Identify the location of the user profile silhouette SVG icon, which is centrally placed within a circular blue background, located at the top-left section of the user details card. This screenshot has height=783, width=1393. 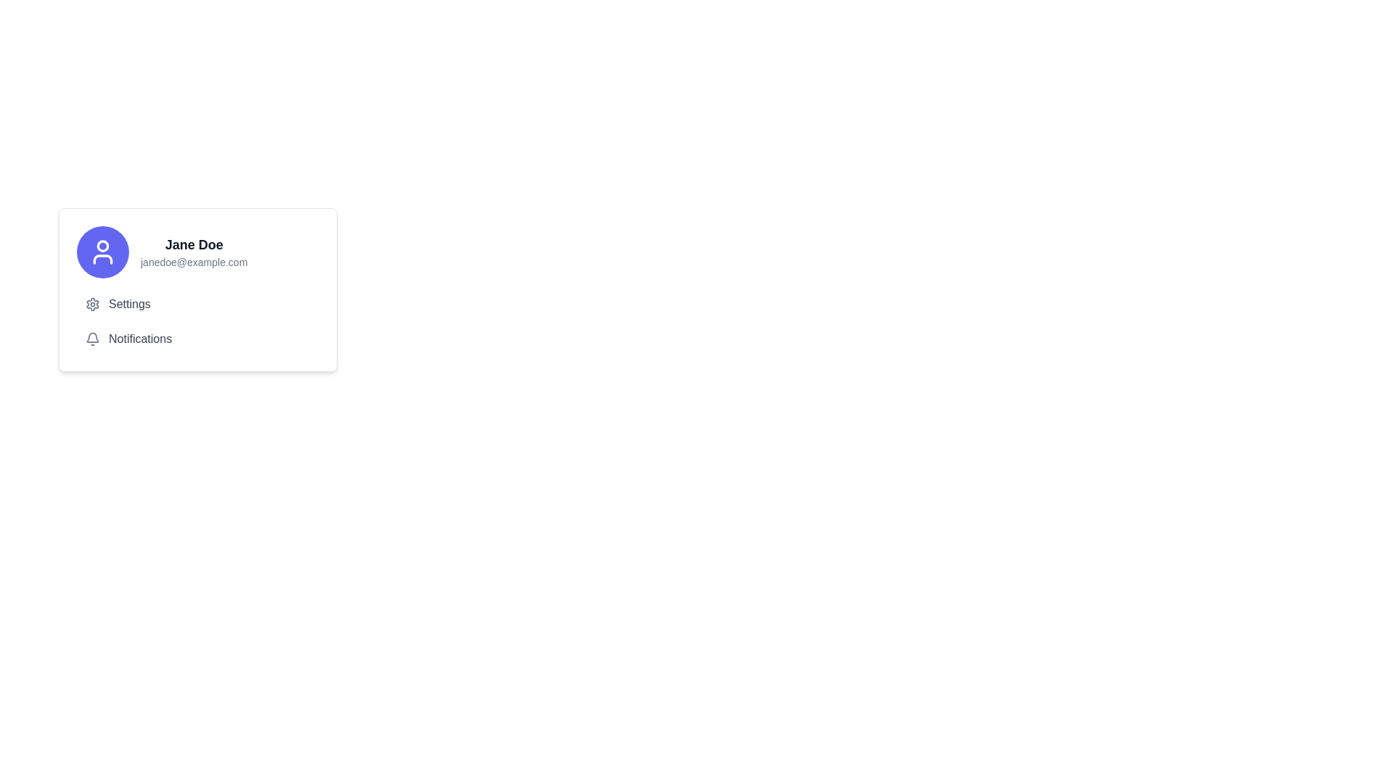
(102, 251).